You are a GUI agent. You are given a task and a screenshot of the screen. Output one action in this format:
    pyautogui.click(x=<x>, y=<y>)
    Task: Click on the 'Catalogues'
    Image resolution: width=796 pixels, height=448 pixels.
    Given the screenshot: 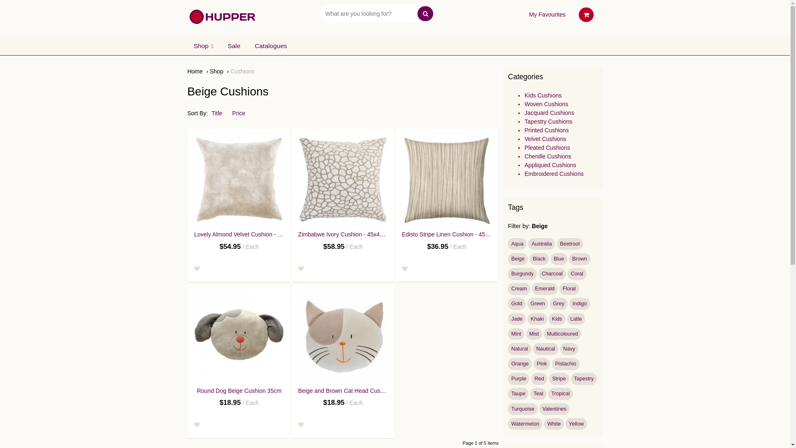 What is the action you would take?
    pyautogui.click(x=271, y=46)
    